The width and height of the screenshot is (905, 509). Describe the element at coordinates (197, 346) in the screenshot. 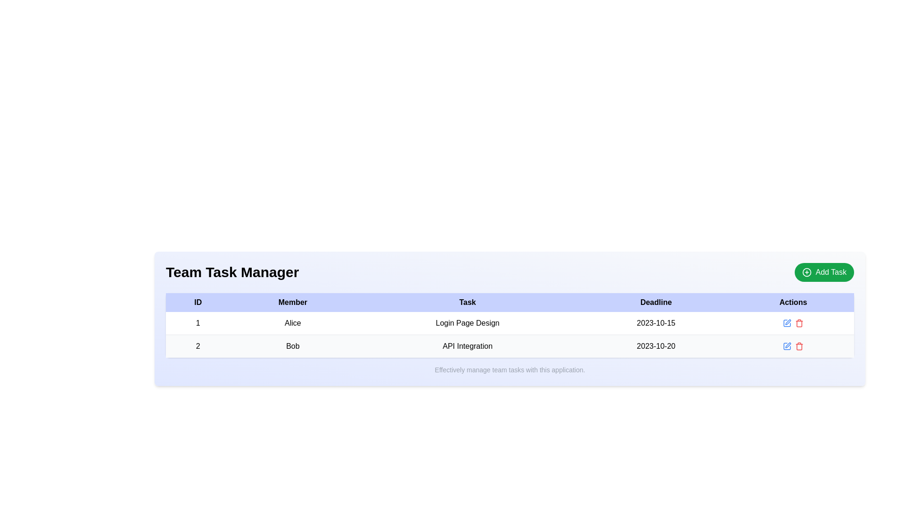

I see `the Text label in the first cell of the second row under the 'ID' column, which serves as a unique identifier for a specific entry in the task list` at that location.